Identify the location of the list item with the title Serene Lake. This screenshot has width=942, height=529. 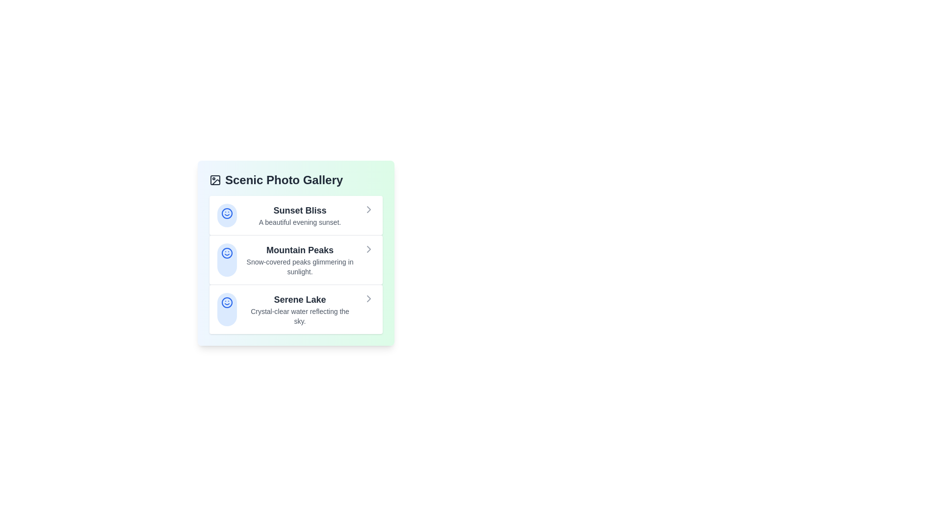
(295, 309).